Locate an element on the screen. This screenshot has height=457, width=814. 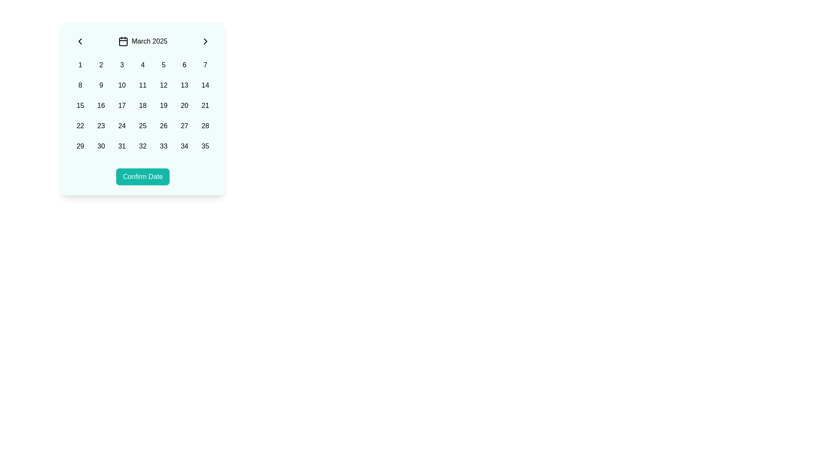
the rounded button displaying the text '2', which is located in the first row of a grid layout within a modal interface is located at coordinates (101, 65).